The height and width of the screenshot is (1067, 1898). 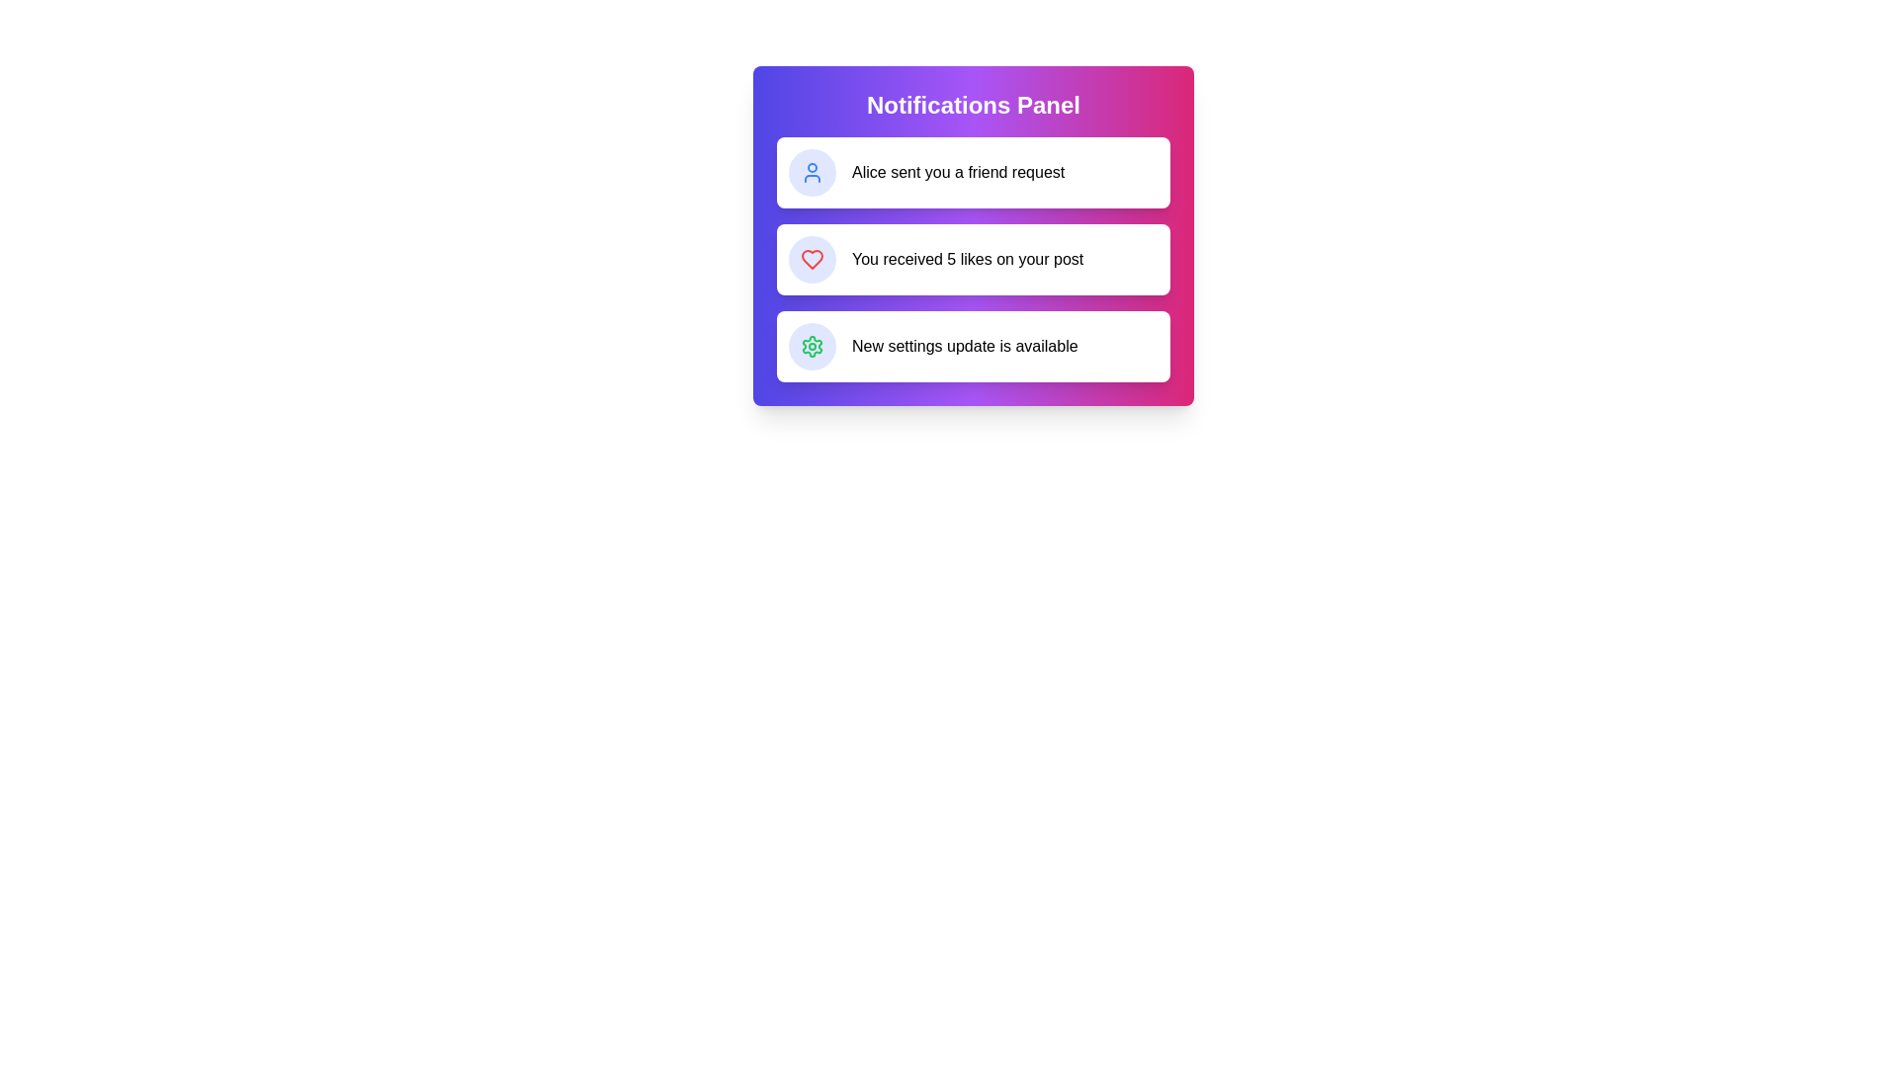 What do you see at coordinates (812, 258) in the screenshot?
I see `the red-colored heart icon with a rounded-edge design, located in the second notification row that reads 'You received 5 likes on your post'` at bounding box center [812, 258].